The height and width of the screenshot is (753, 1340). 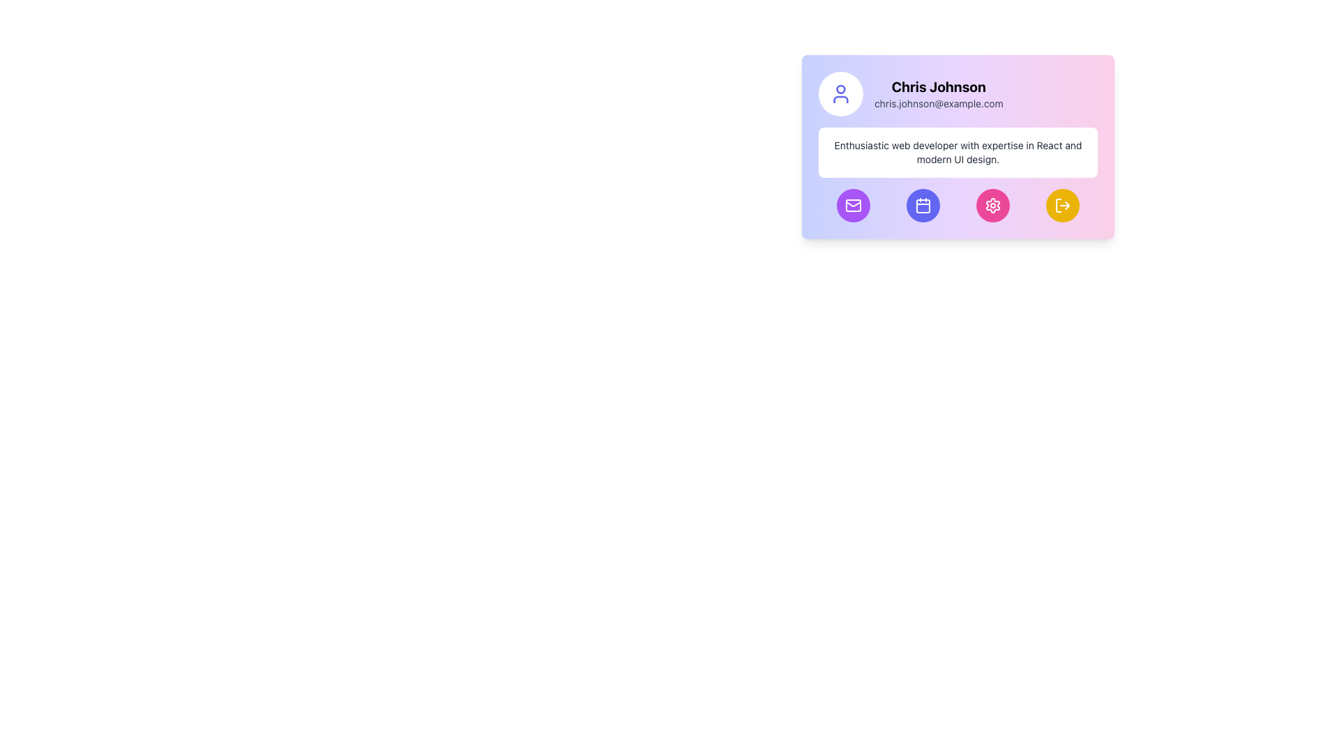 What do you see at coordinates (939, 94) in the screenshot?
I see `the Text Block displaying 'Chris Johnson' and 'chris.johnson@example.com'` at bounding box center [939, 94].